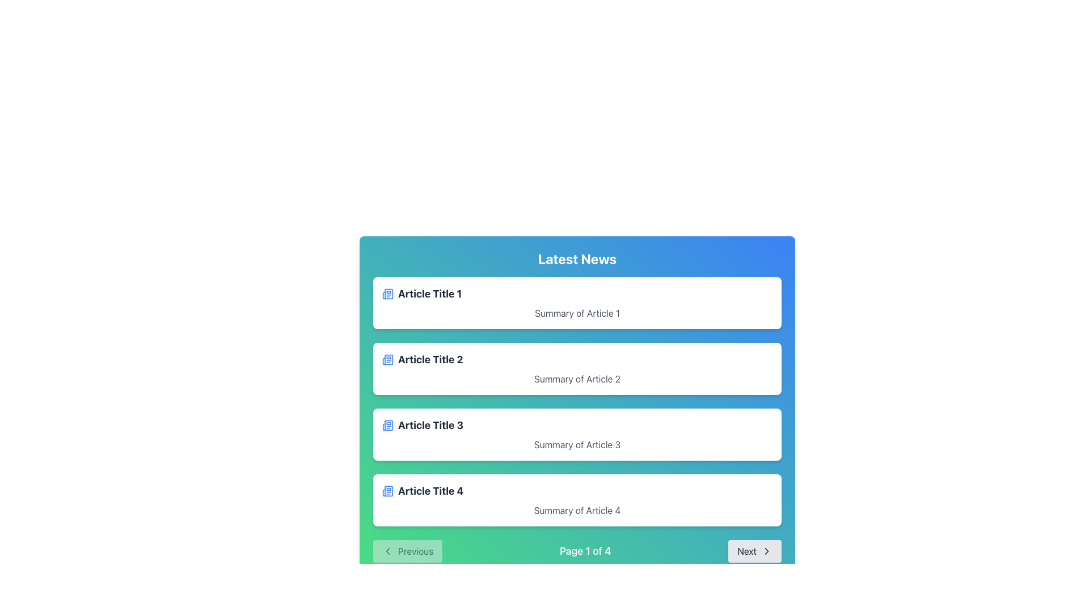 The width and height of the screenshot is (1089, 612). Describe the element at coordinates (388, 491) in the screenshot. I see `the icon representing 'Article Title 4', positioned to the left of the title text, to interact with its associated article feature` at that location.